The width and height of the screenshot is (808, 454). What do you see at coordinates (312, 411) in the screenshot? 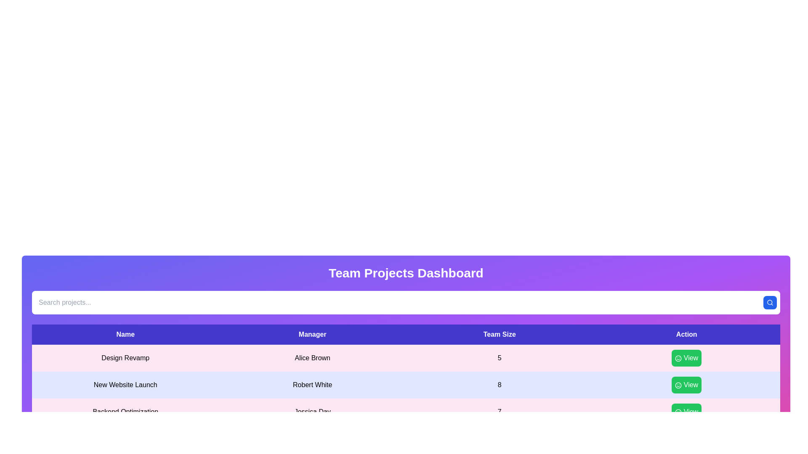
I see `the Text Label displaying the name of the manager associated with the last project's row in the 'Manager' column` at bounding box center [312, 411].